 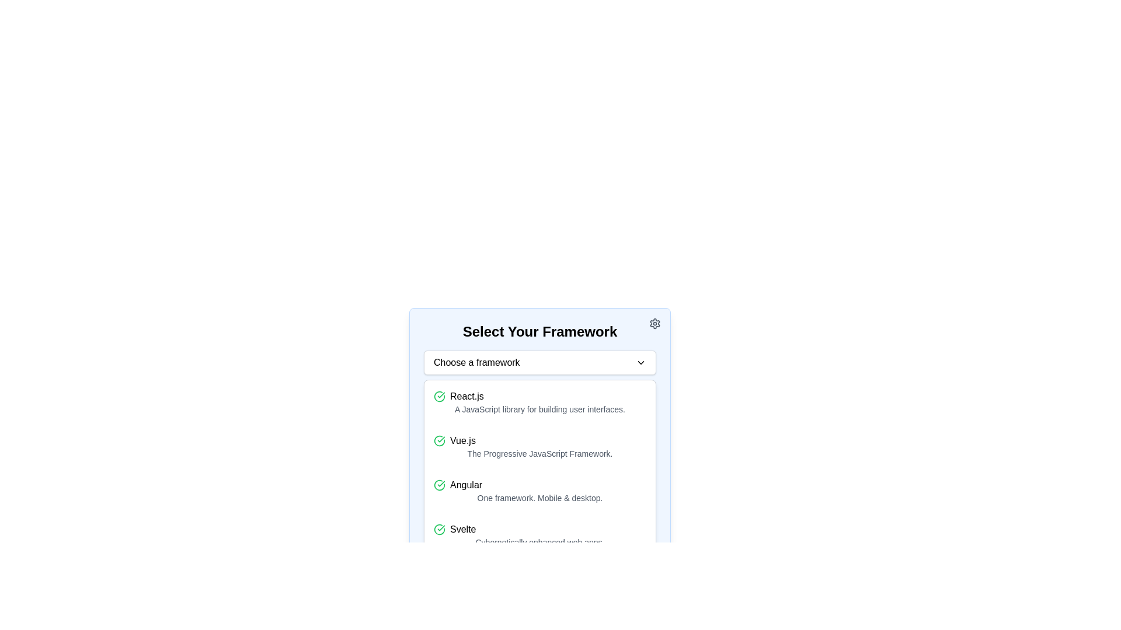 What do you see at coordinates (439, 485) in the screenshot?
I see `the circular green icon with a checkmark that precedes the 'Angular' label in the 'Select Your Framework' list` at bounding box center [439, 485].